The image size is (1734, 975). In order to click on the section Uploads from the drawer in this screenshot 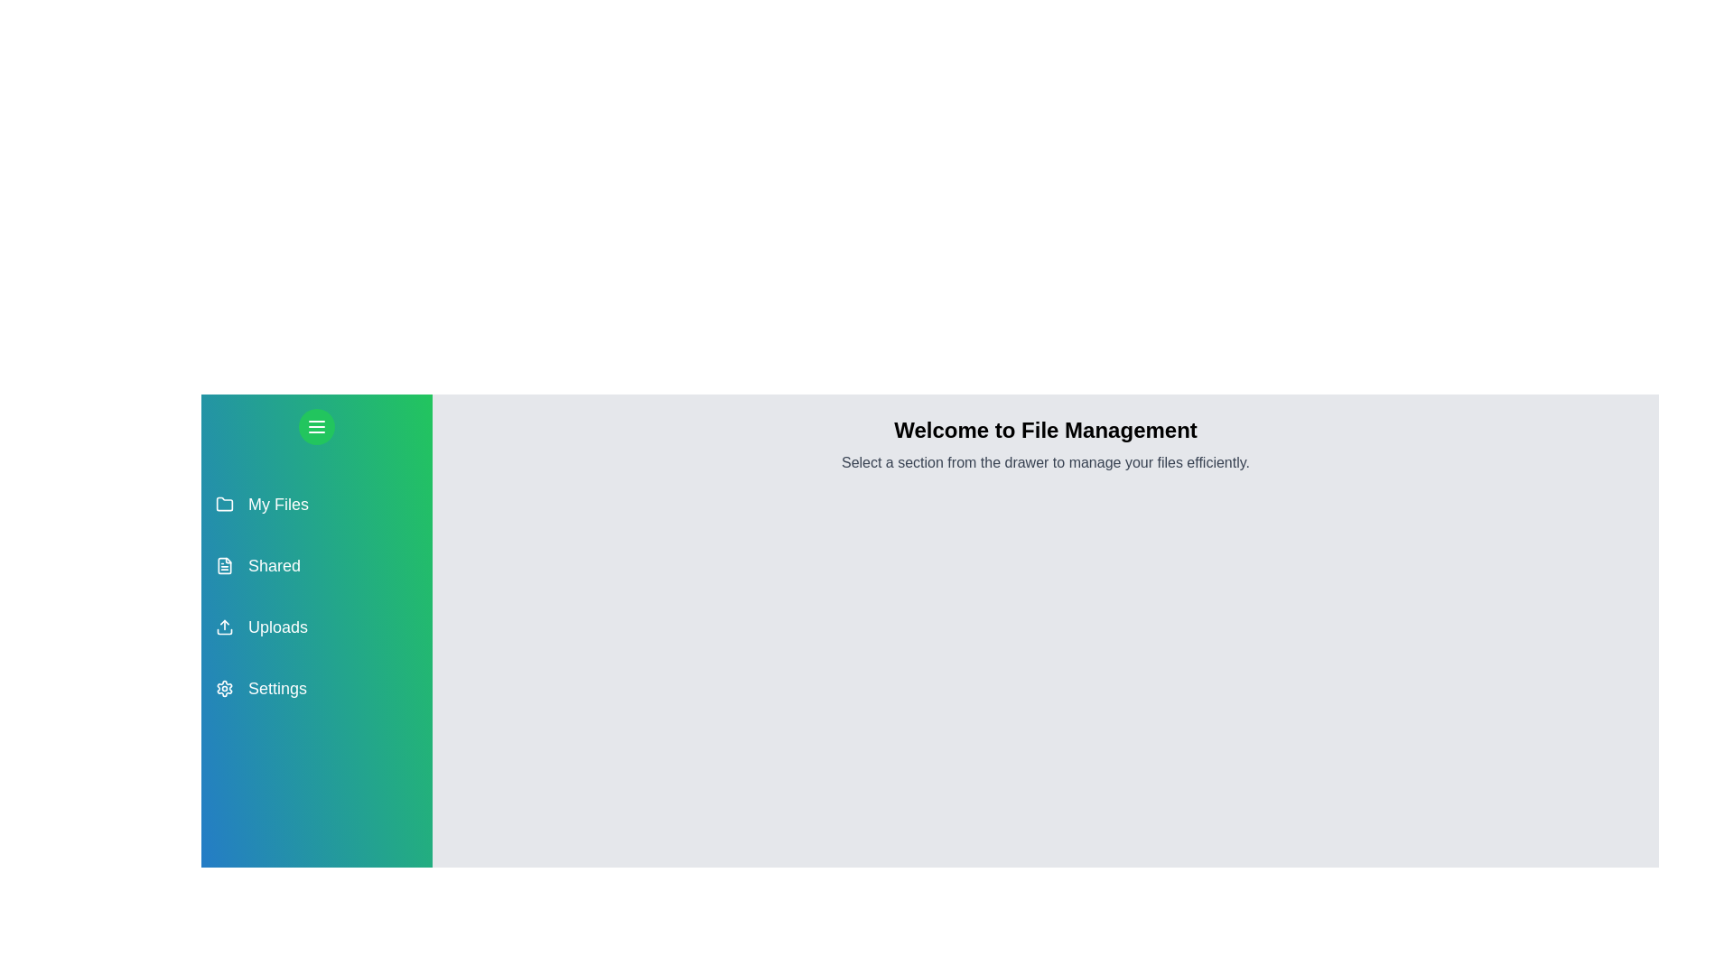, I will do `click(316, 626)`.